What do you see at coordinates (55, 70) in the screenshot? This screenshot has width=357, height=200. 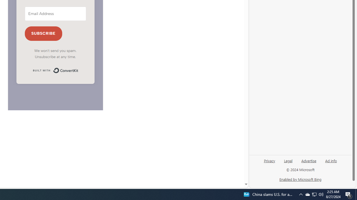 I see `'Built with ConvertKit'` at bounding box center [55, 70].